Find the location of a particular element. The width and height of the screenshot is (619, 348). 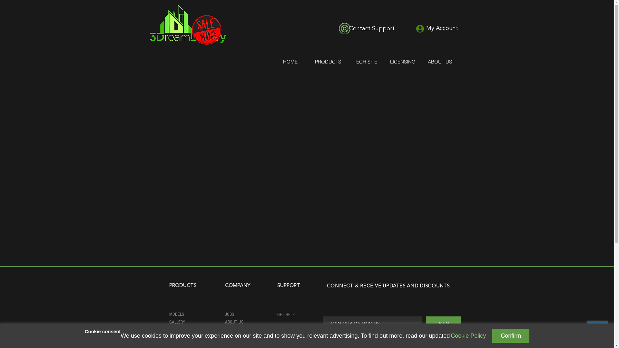

'ABOUT US' is located at coordinates (421, 62).